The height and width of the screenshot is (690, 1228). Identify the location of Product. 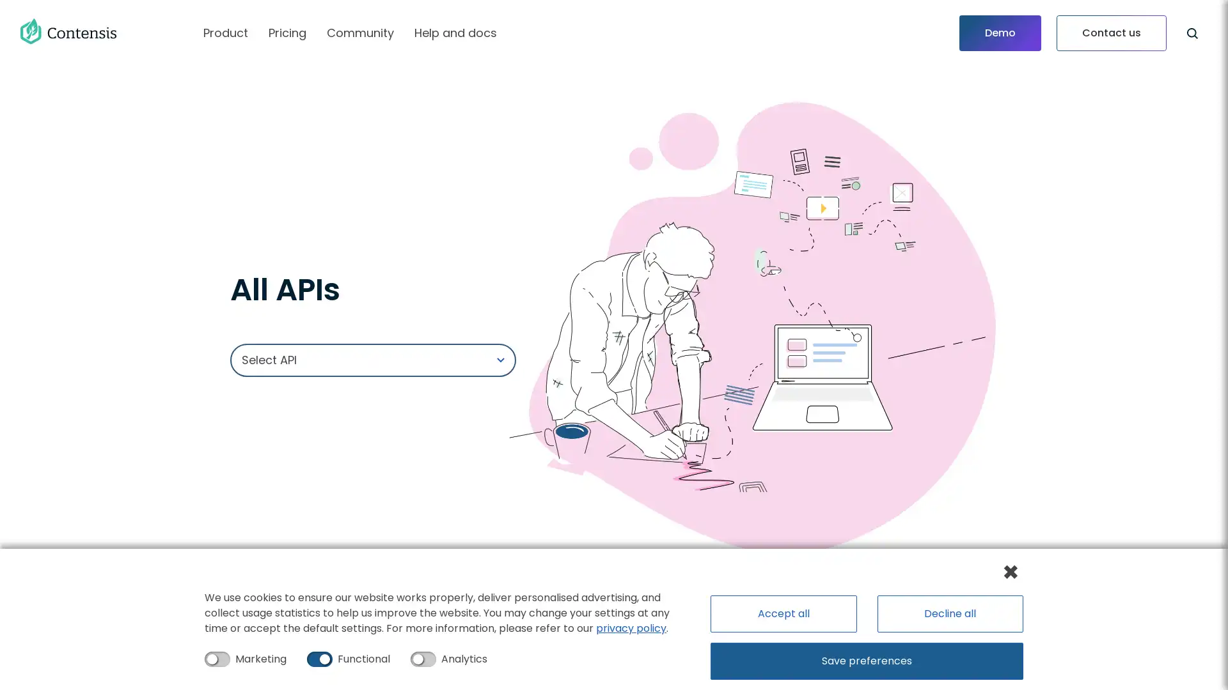
(226, 32).